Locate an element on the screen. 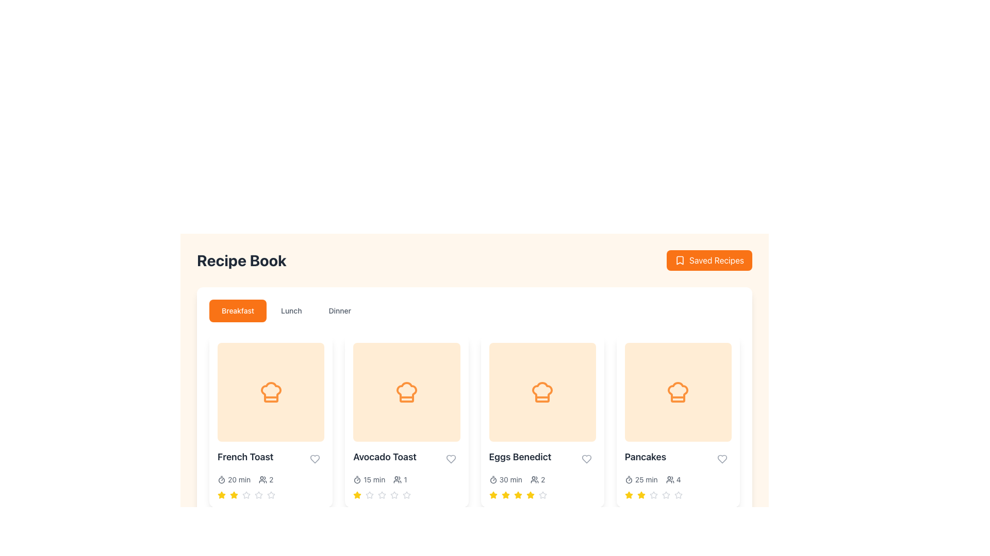  the second star icon in the rating component for the 'Pancakes' recipe to rate it is located at coordinates (653, 494).